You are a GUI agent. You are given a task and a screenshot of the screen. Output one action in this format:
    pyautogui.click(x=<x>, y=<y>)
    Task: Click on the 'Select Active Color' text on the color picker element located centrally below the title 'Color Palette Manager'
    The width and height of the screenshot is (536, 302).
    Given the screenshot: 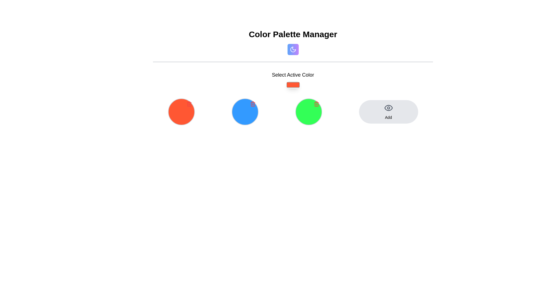 What is the action you would take?
    pyautogui.click(x=293, y=80)
    